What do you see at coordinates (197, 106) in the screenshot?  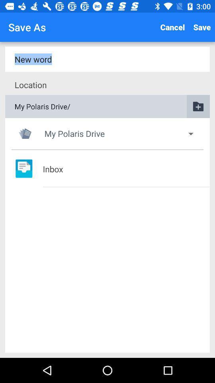 I see `the folder icon` at bounding box center [197, 106].